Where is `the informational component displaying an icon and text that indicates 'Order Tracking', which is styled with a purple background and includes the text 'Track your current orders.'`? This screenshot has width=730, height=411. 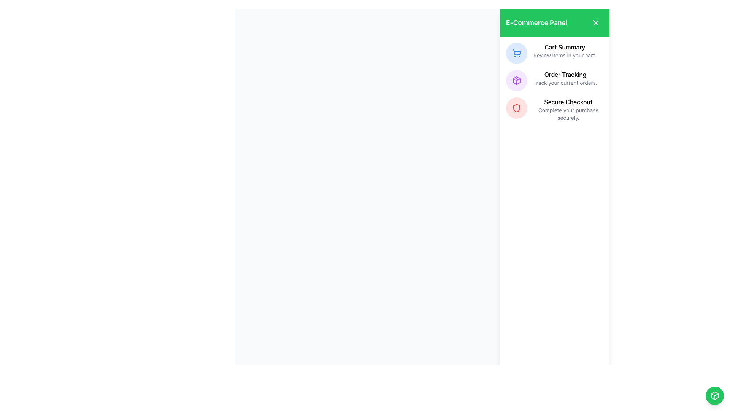 the informational component displaying an icon and text that indicates 'Order Tracking', which is styled with a purple background and includes the text 'Track your current orders.' is located at coordinates (555, 81).